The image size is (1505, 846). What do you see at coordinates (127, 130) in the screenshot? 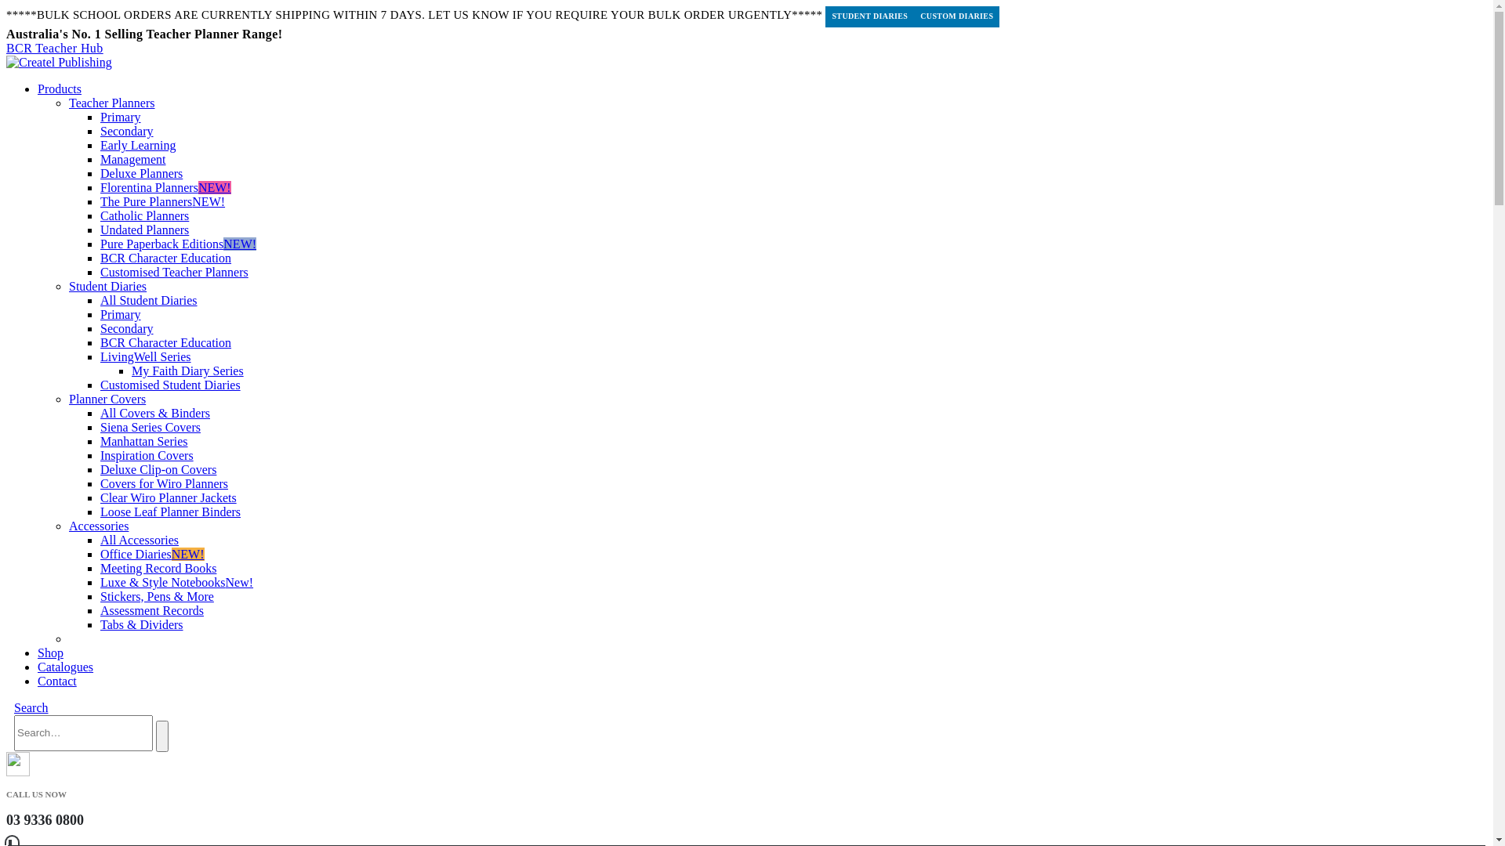
I see `'Secondary'` at bounding box center [127, 130].